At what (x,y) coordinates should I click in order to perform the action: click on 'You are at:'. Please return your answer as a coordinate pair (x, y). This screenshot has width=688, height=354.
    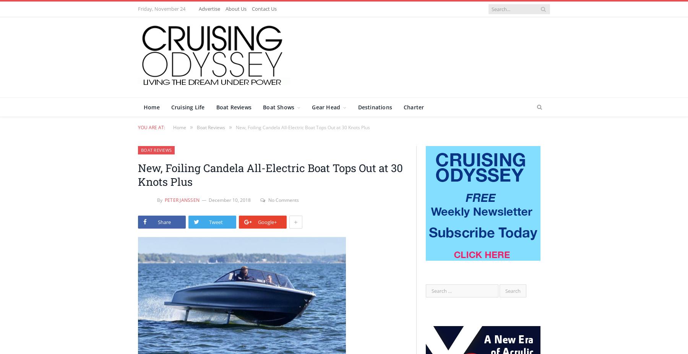
    Looking at the image, I should click on (151, 127).